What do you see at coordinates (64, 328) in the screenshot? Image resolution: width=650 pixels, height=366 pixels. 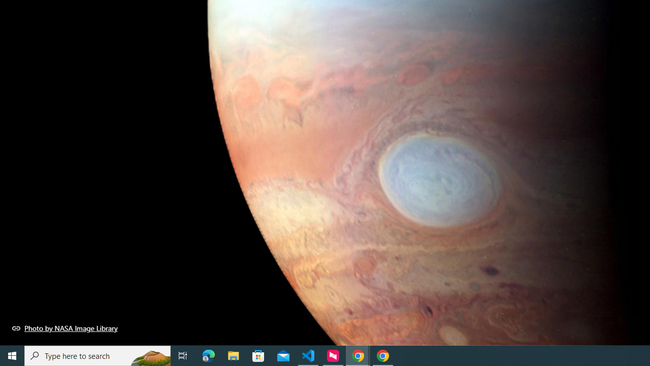 I see `'Photo by NASA Image Library'` at bounding box center [64, 328].